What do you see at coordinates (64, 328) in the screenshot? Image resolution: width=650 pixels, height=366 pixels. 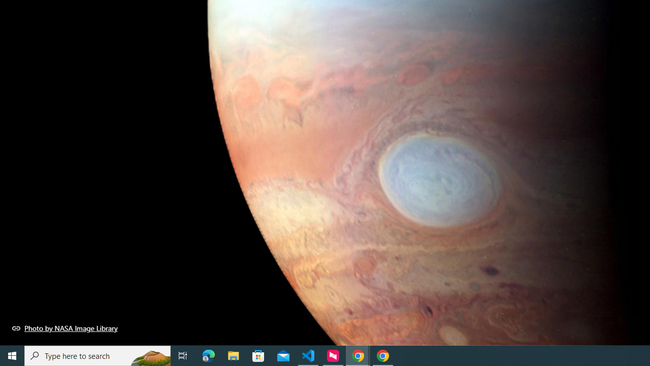 I see `'Photo by NASA Image Library'` at bounding box center [64, 328].